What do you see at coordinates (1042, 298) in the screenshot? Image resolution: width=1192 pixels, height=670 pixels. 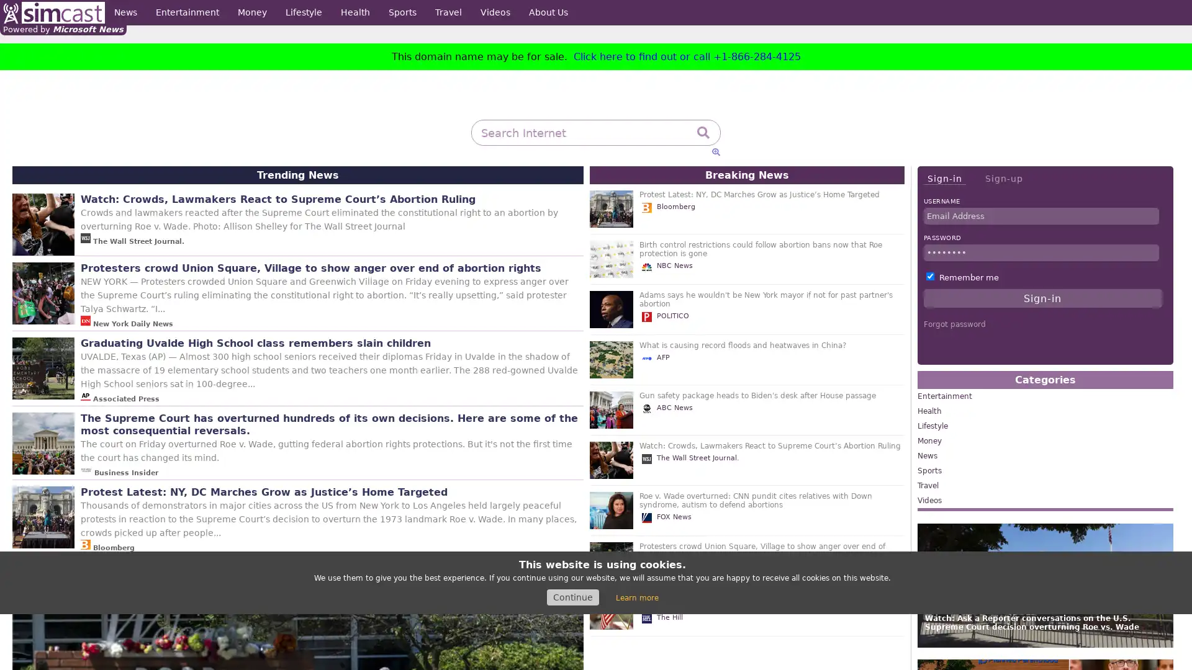 I see `Sign-in` at bounding box center [1042, 298].